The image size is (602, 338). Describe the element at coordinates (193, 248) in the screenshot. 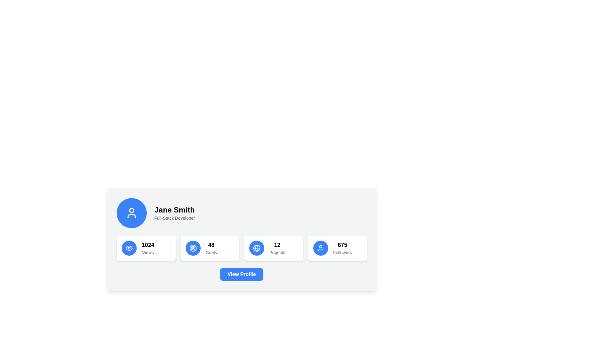

I see `outermost boundary circle of the target icon located in the second column of the statistics row of the user card, situated between the 'Views' and 'Projects' icons` at that location.